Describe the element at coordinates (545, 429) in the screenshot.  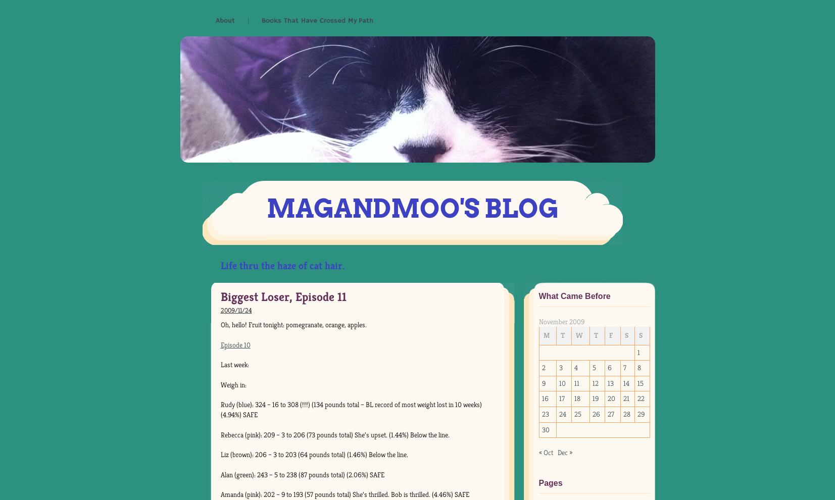
I see `'30'` at that location.